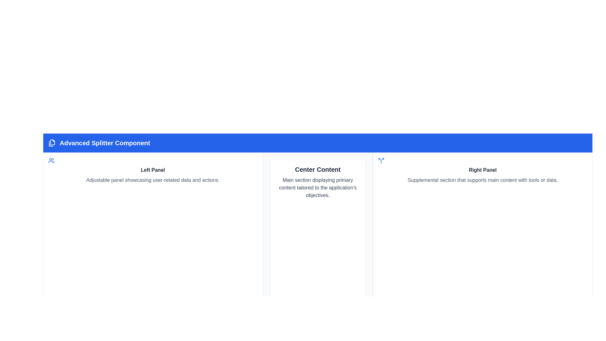 This screenshot has height=341, width=606. Describe the element at coordinates (51, 160) in the screenshot. I see `the user-related content icon located at the top-left corner of the left panel, preceding the title 'Left Panel'` at that location.